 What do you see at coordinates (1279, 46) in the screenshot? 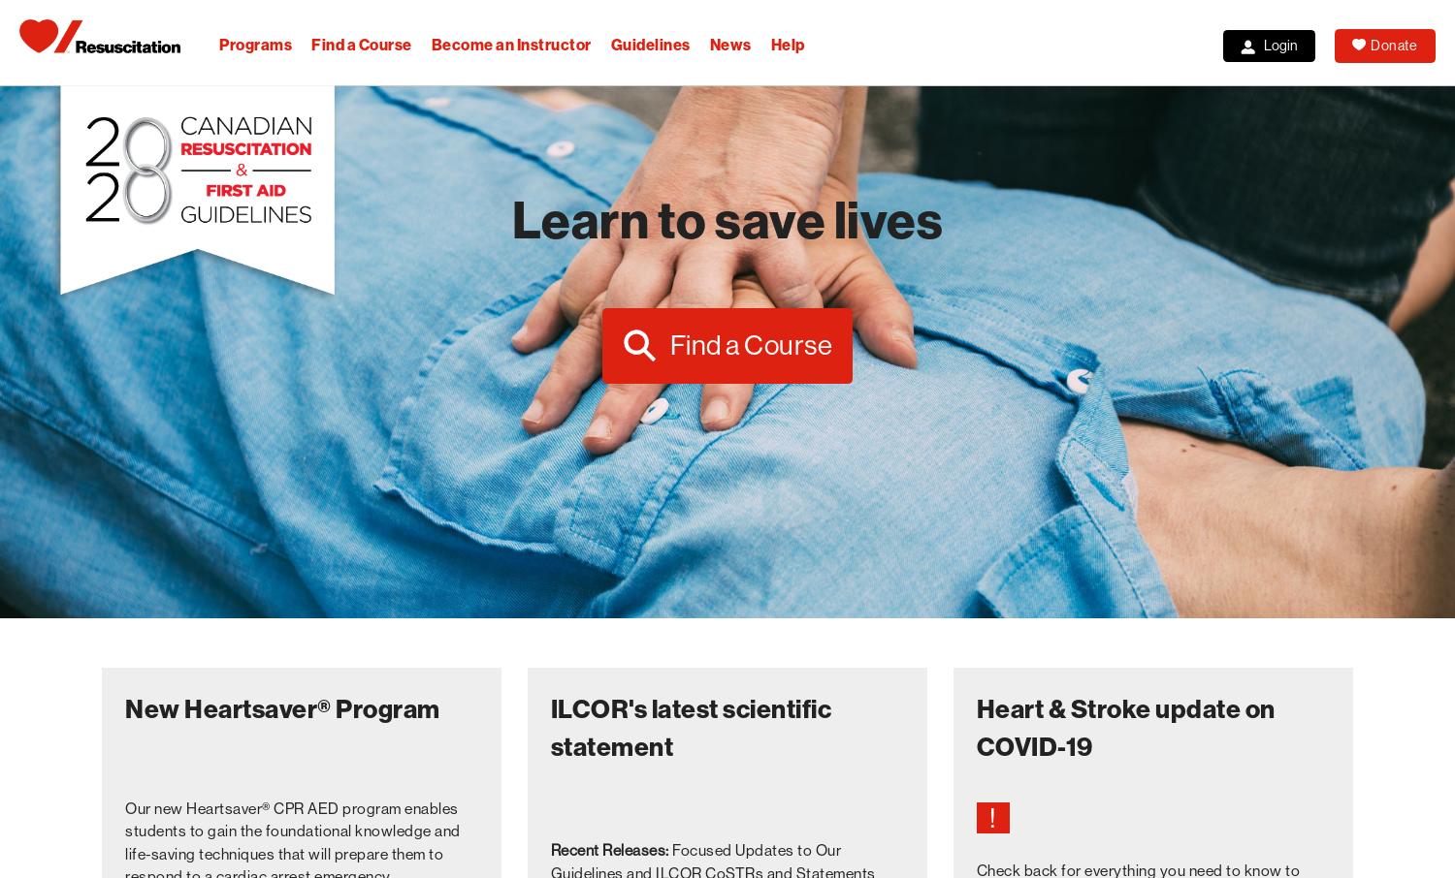
I see `'Login'` at bounding box center [1279, 46].